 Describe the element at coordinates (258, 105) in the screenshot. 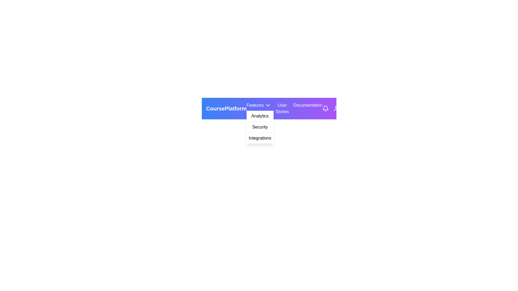

I see `the dropdown menu trigger located in the top navigation bar, positioned between 'CoursePlatform' and 'User Stories'` at that location.